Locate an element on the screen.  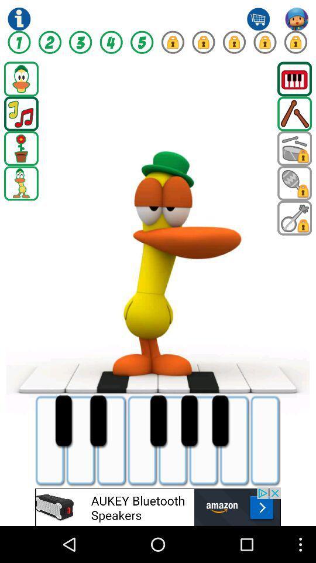
numbers symbol is located at coordinates (18, 42).